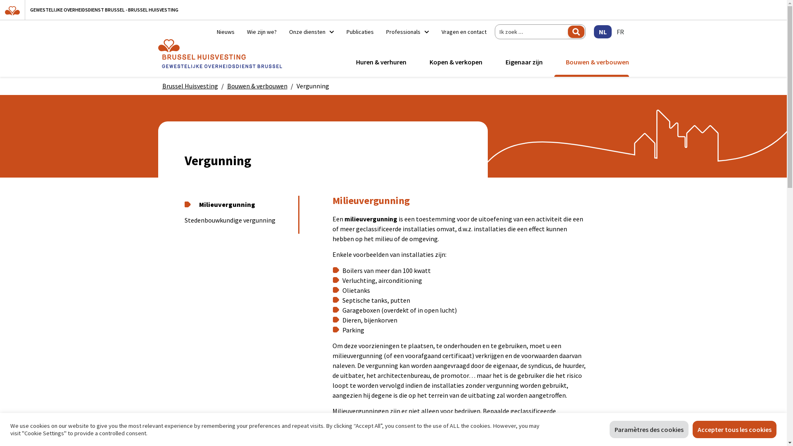 This screenshot has height=446, width=793. What do you see at coordinates (261, 31) in the screenshot?
I see `'Wie zijn we?'` at bounding box center [261, 31].